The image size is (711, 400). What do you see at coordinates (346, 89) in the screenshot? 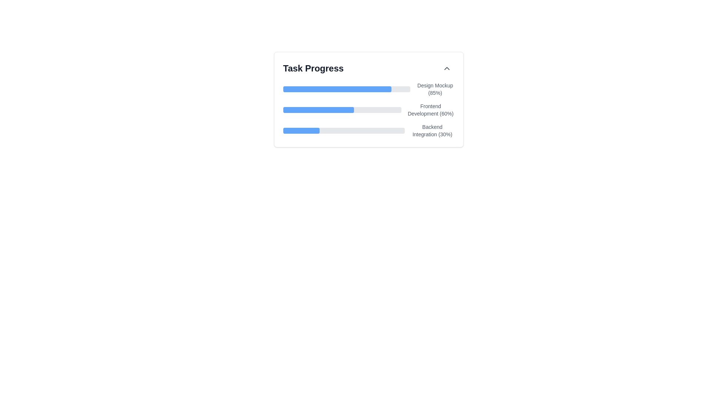
I see `the Progress Bar indicating 85% completion, styled with rounded corners, located in the 'Task Progress' section beneath the heading and aligned with 'Design Mockup (85%)'` at bounding box center [346, 89].